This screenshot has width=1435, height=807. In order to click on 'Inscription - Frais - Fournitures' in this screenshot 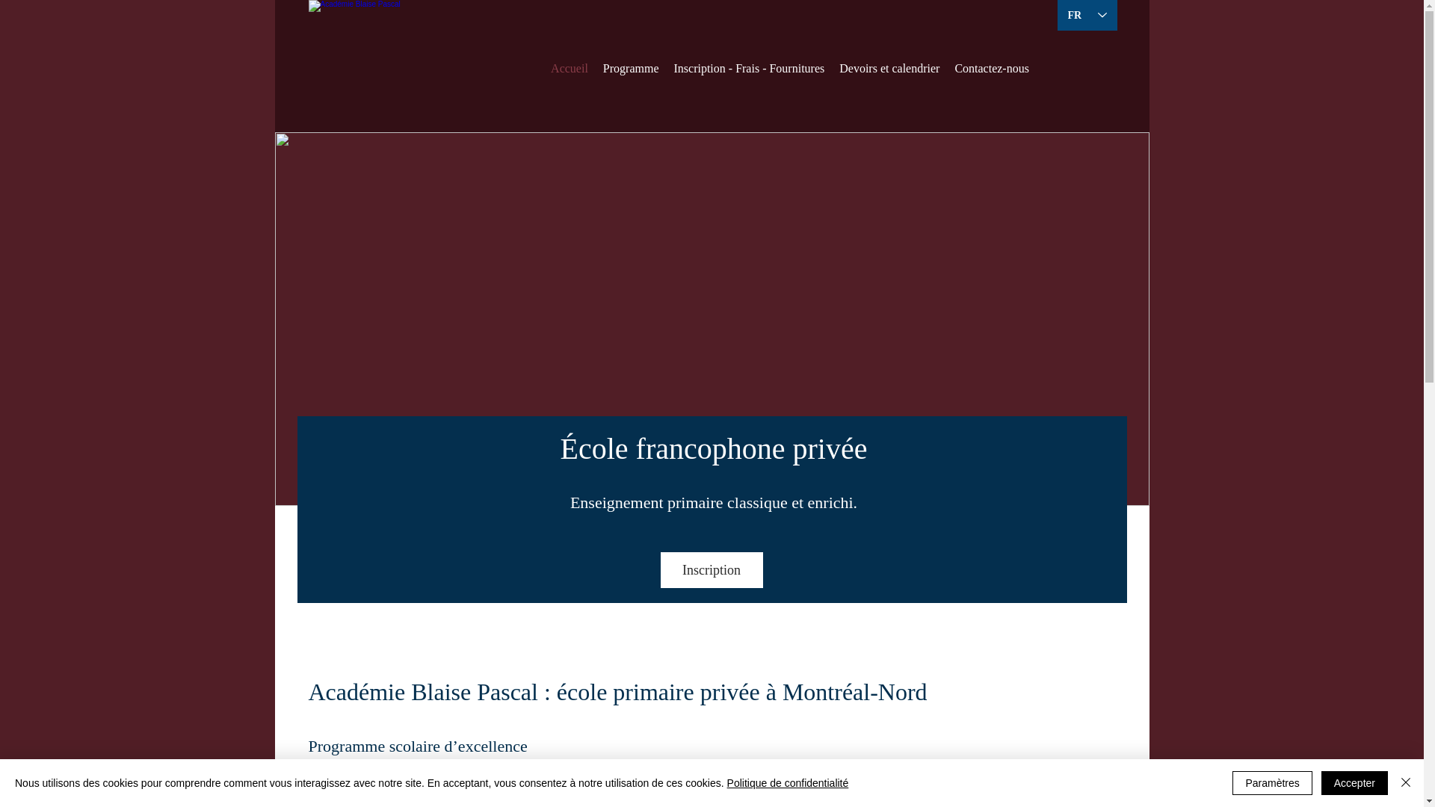, I will do `click(749, 68)`.